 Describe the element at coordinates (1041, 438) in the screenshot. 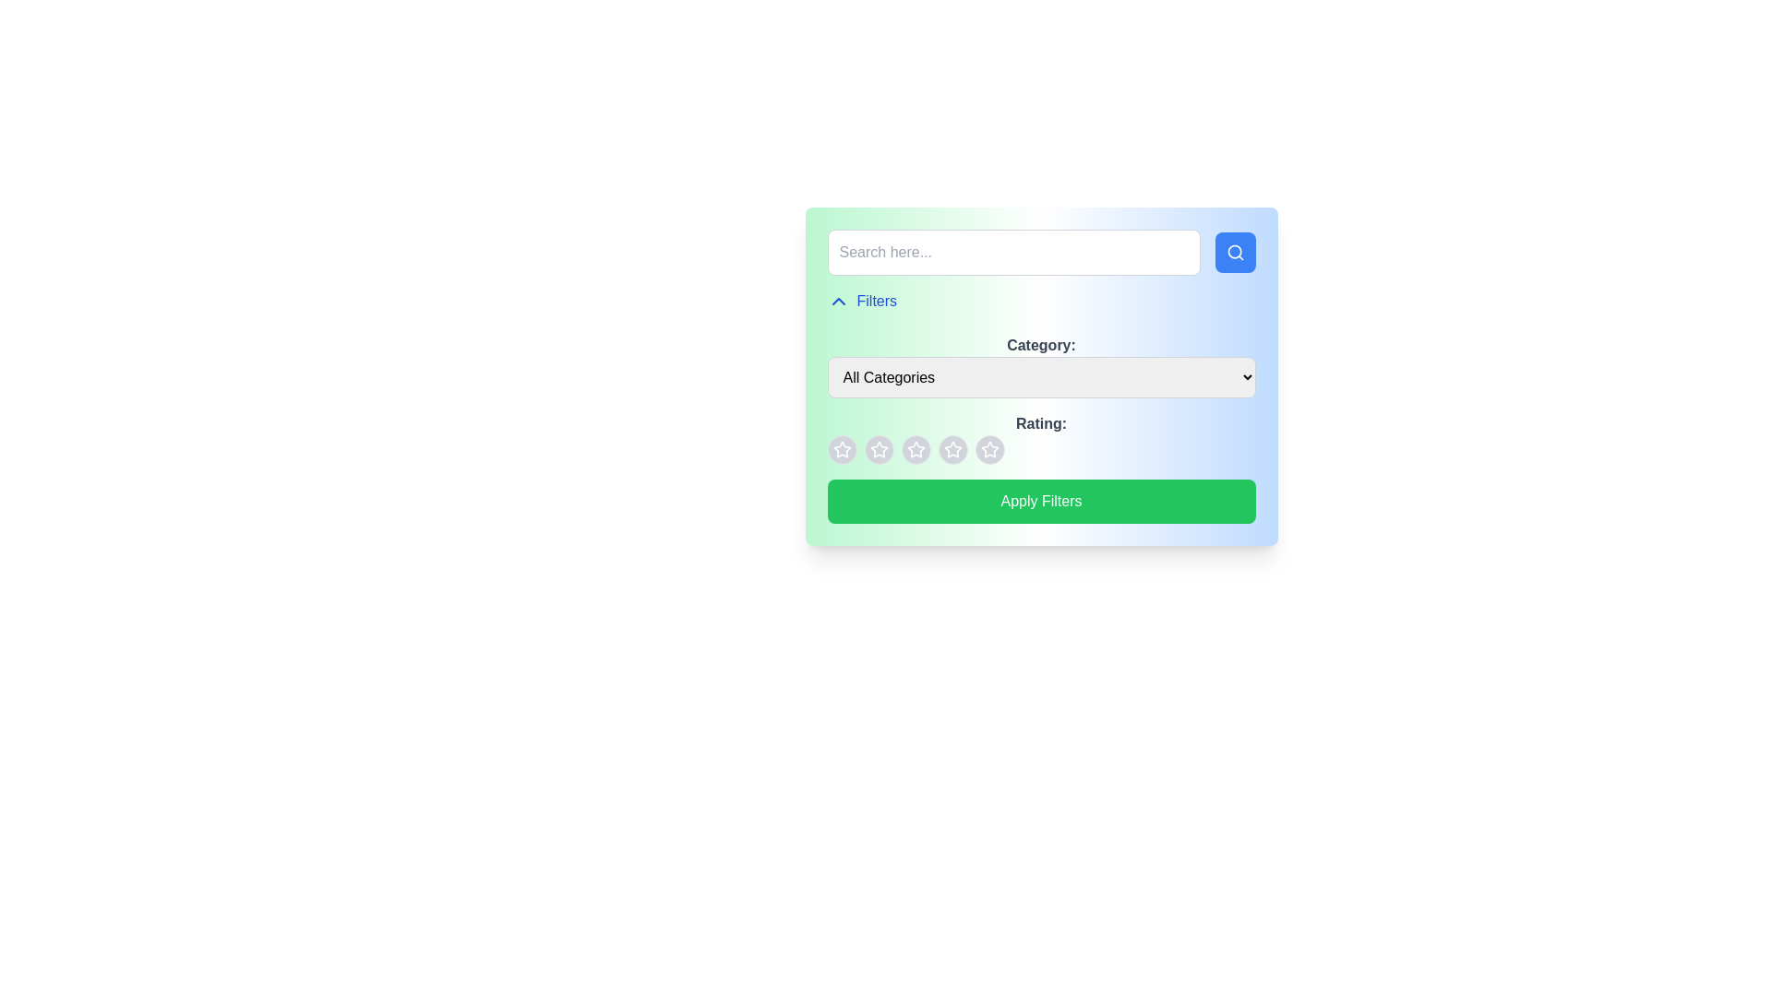

I see `the text label displaying 'Rating:' which is located above the star-based rating selector in the 'Rating' section` at that location.